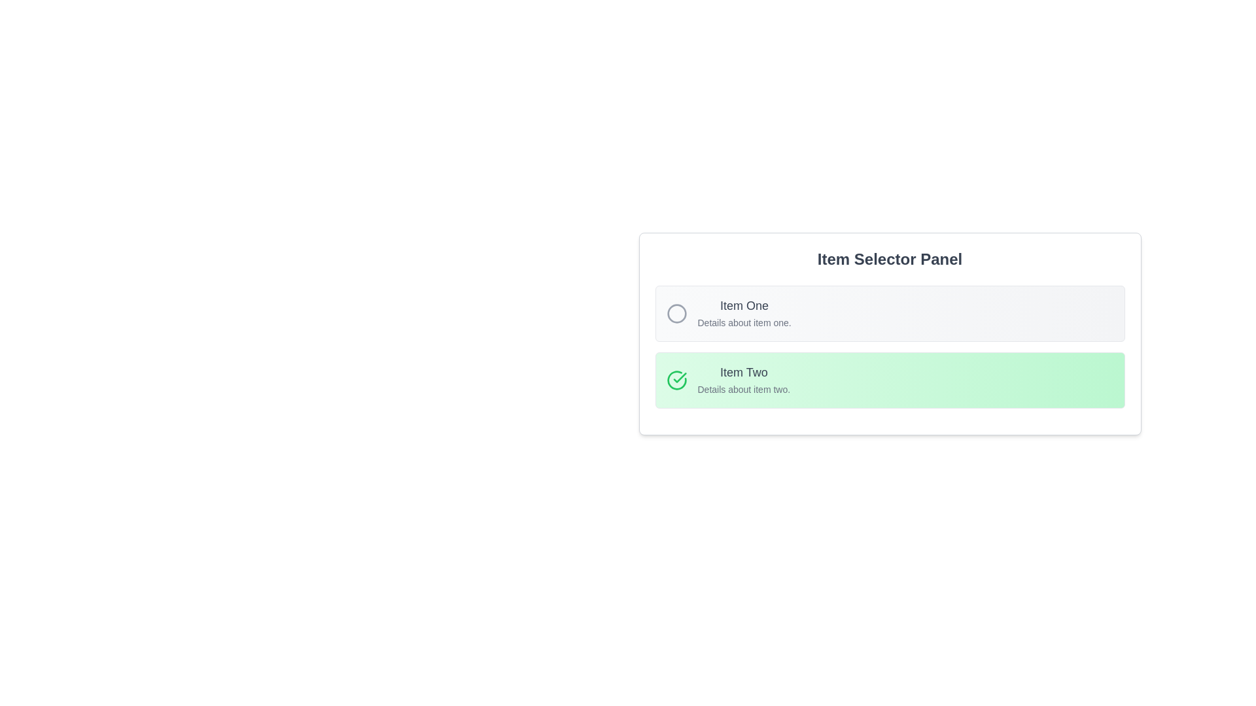 The image size is (1256, 706). Describe the element at coordinates (744, 389) in the screenshot. I see `the label stating 'Details about item two.' which is styled in gray and positioned directly beneath the main heading 'Item Two'` at that location.